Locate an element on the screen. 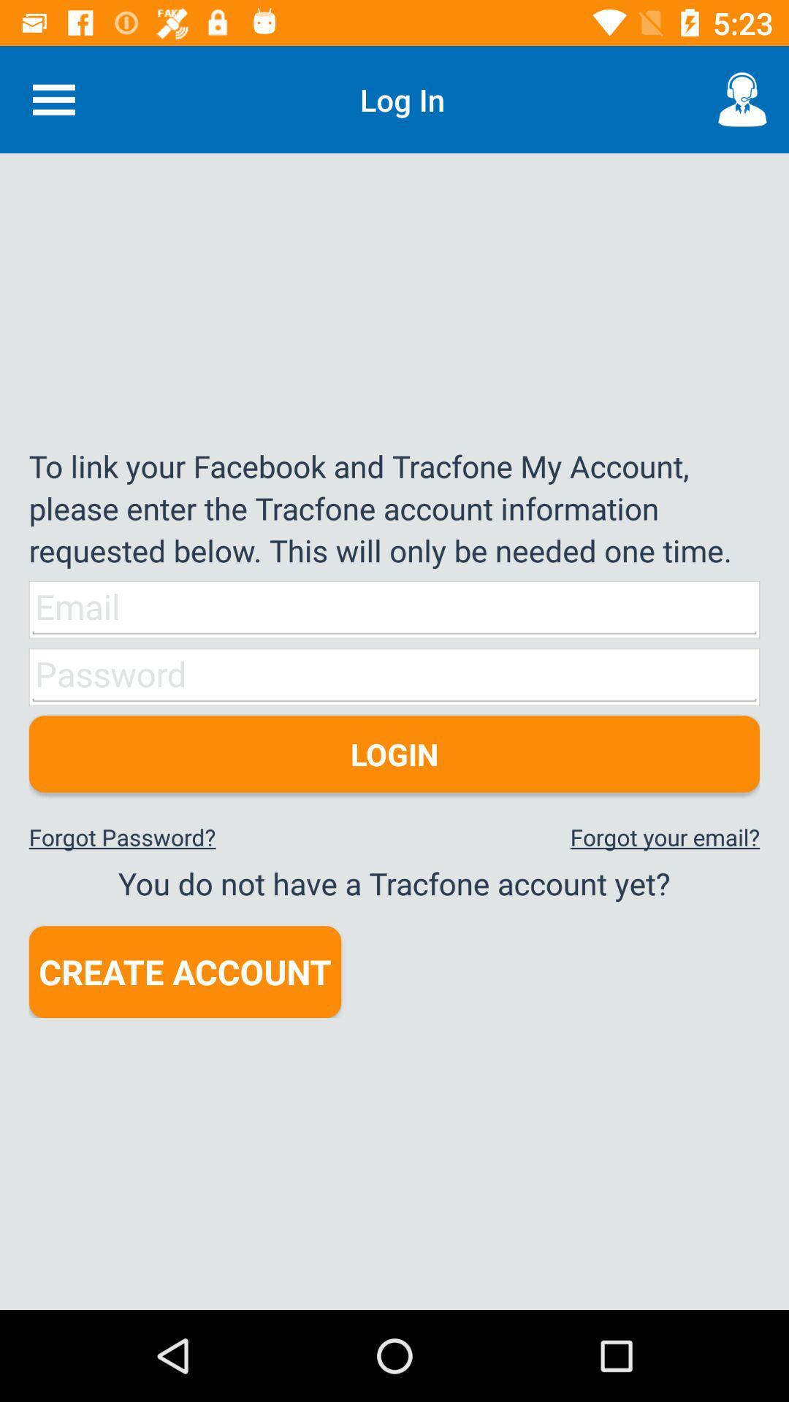 The image size is (789, 1402). the item to the left of the log in is located at coordinates (53, 99).